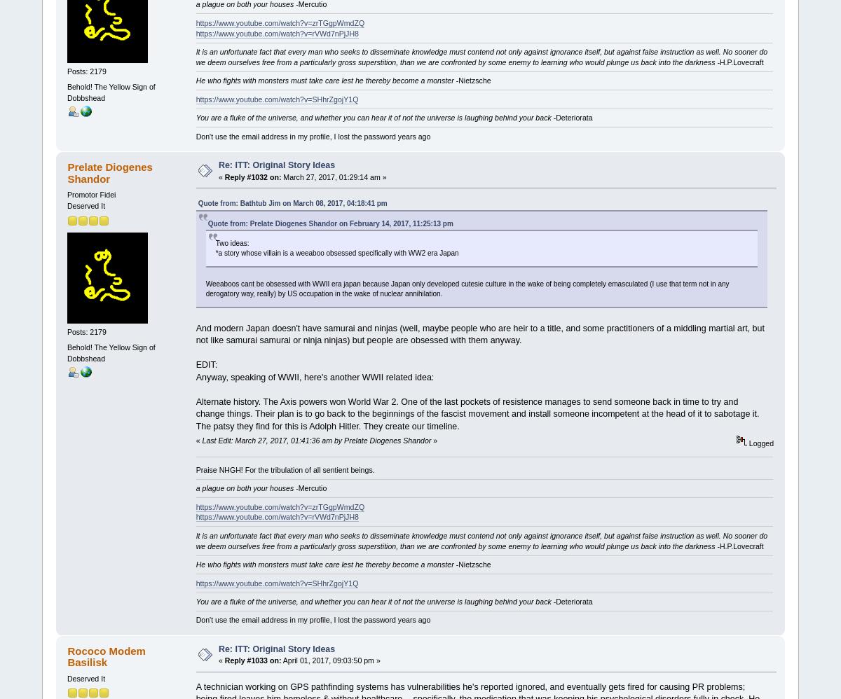  Describe the element at coordinates (231, 243) in the screenshot. I see `'Two ideas:'` at that location.